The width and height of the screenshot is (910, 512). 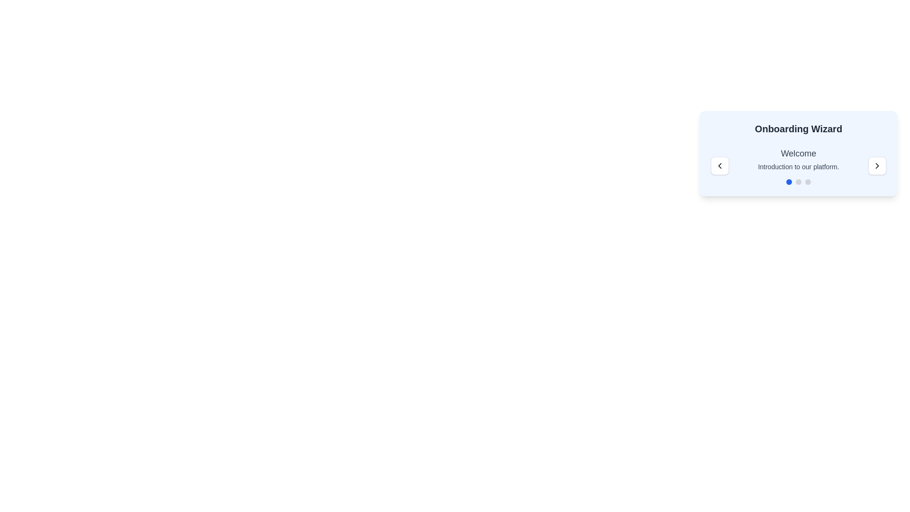 What do you see at coordinates (877, 165) in the screenshot?
I see `the arrow icon located in the right button of the navigation panel in the 'Onboarding Wizard' to advance to the next page` at bounding box center [877, 165].